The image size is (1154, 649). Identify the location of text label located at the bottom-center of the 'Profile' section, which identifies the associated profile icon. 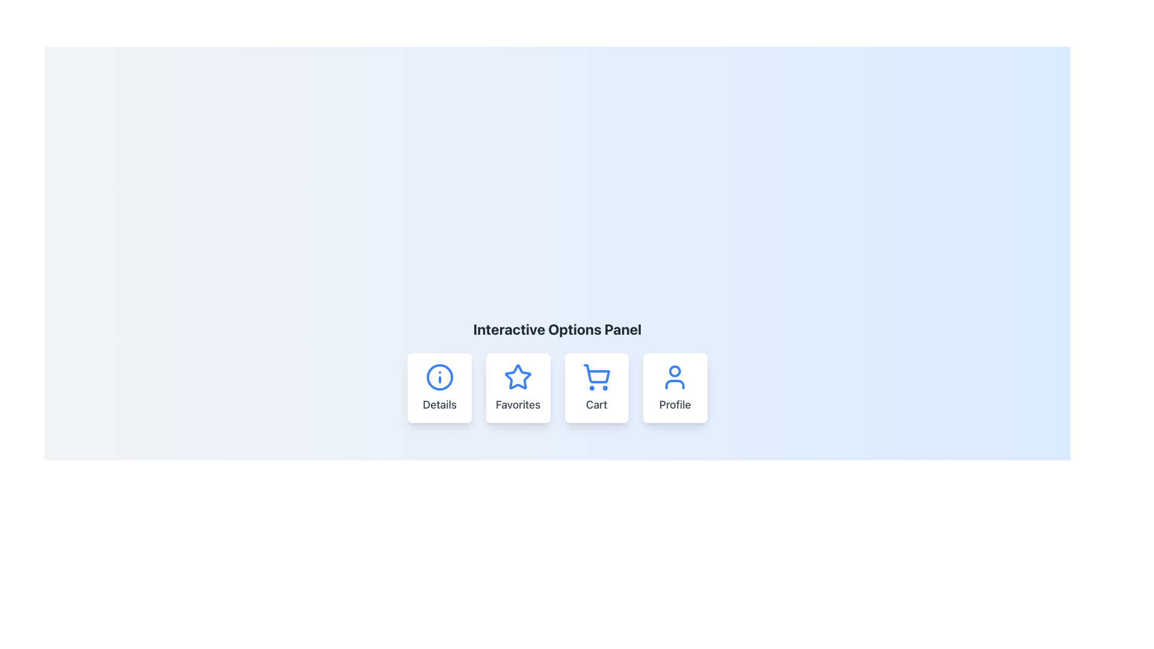
(675, 405).